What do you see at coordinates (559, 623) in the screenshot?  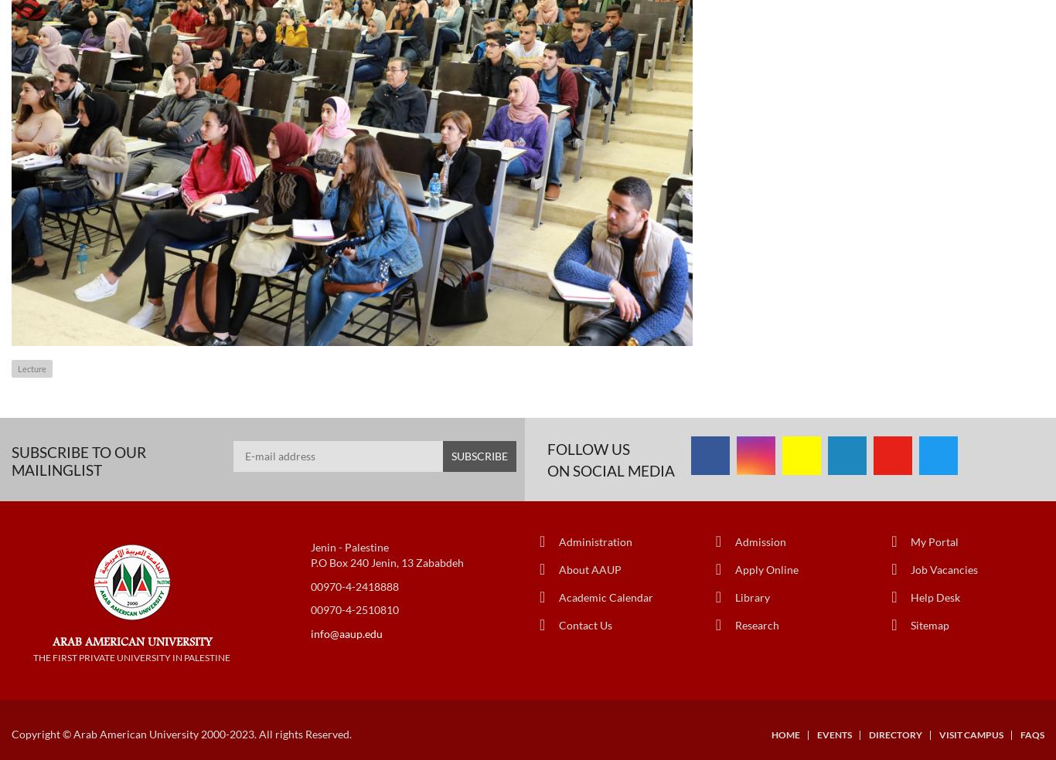 I see `'Contact Us'` at bounding box center [559, 623].